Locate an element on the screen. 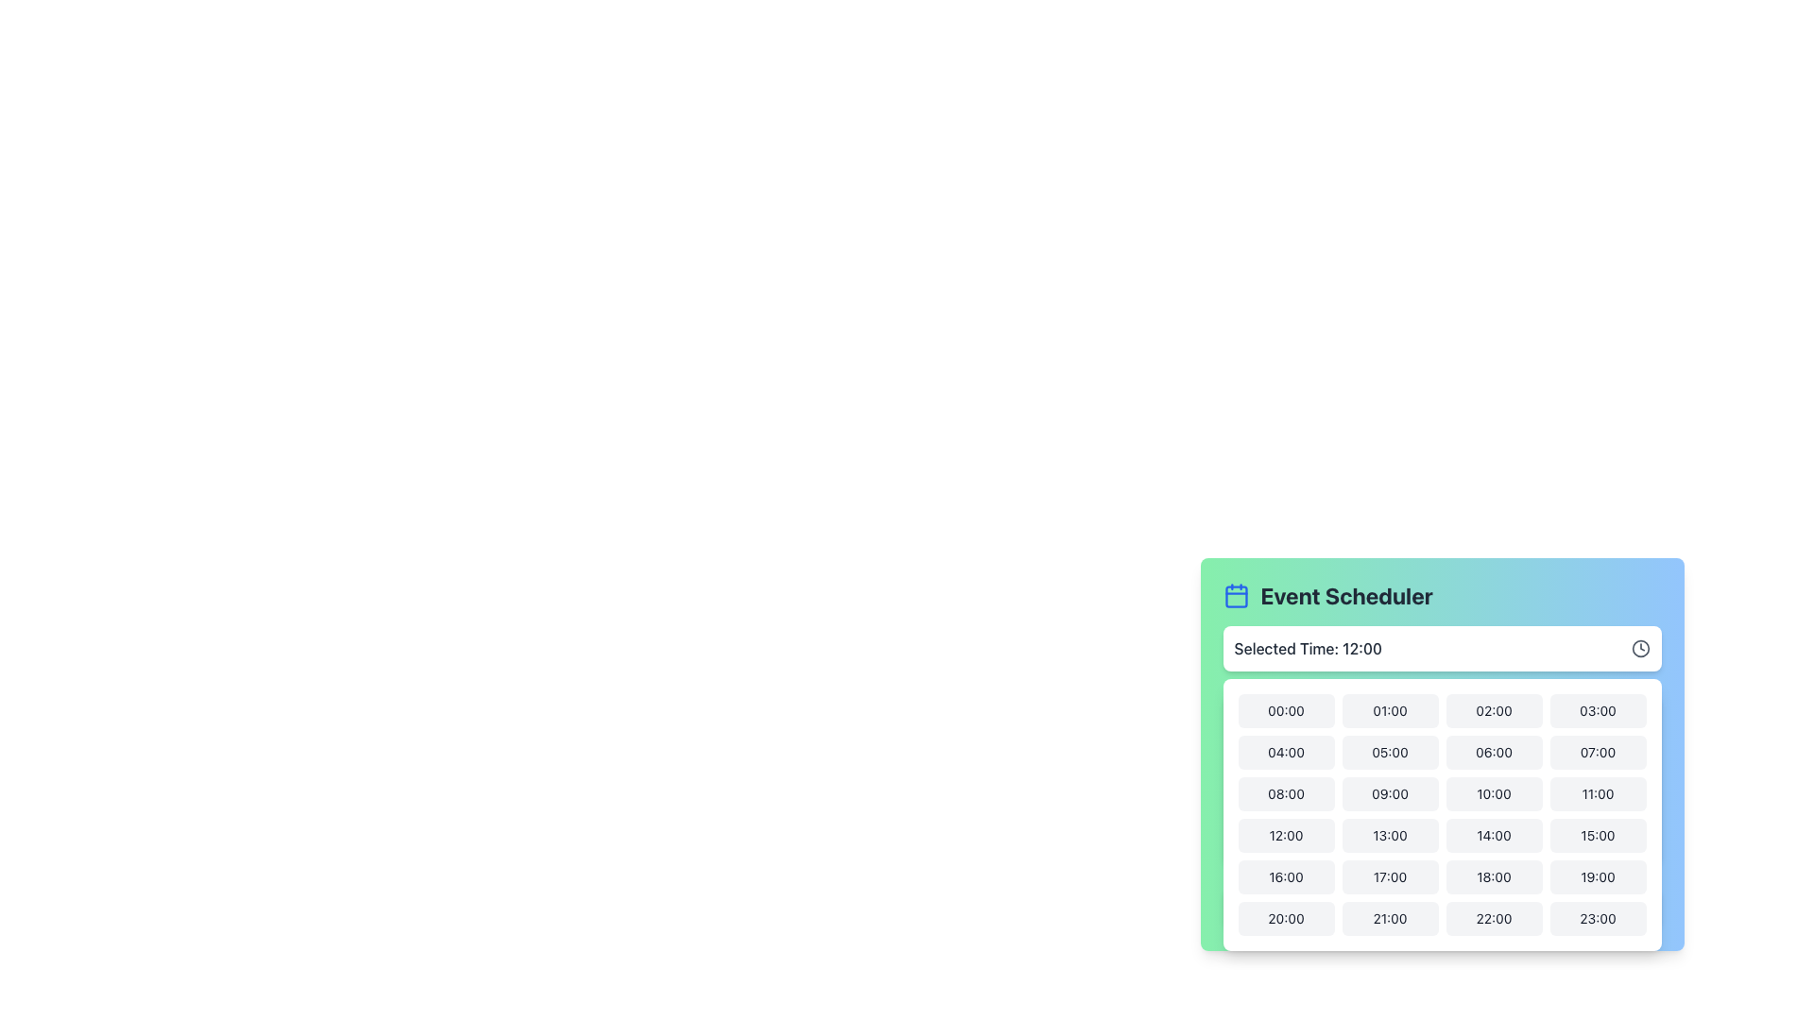 The image size is (1814, 1020). the '18:00' time selection button located in the 'Event Scheduler' interface, which is the third button in the fifth row is located at coordinates (1493, 877).